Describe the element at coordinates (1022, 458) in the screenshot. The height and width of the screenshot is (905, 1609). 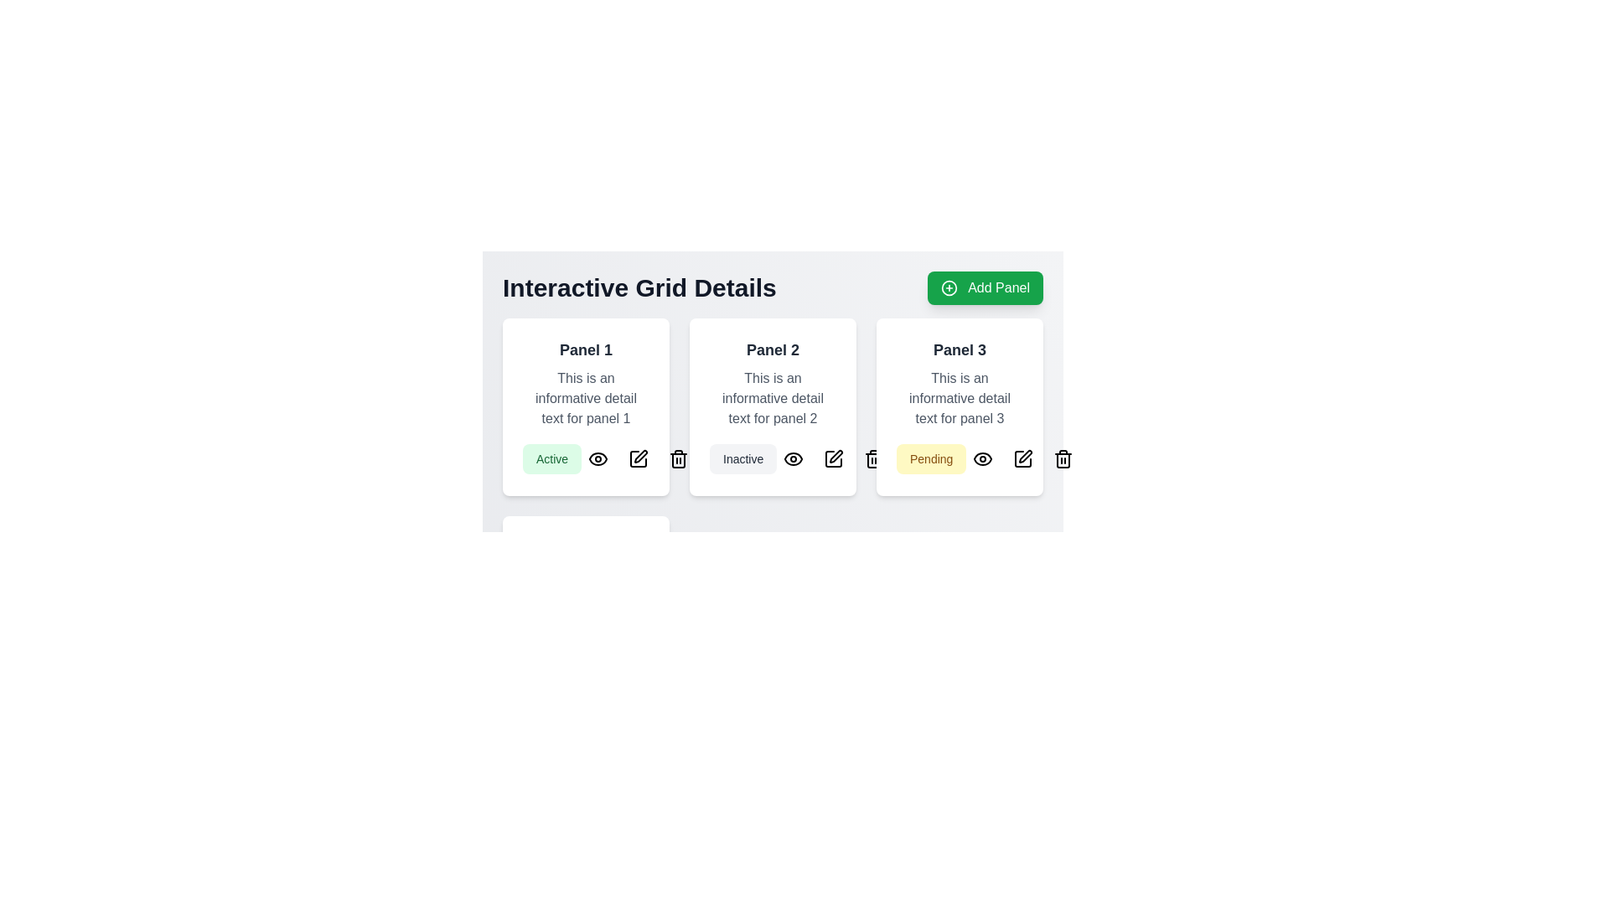
I see `the edit icon located` at that location.